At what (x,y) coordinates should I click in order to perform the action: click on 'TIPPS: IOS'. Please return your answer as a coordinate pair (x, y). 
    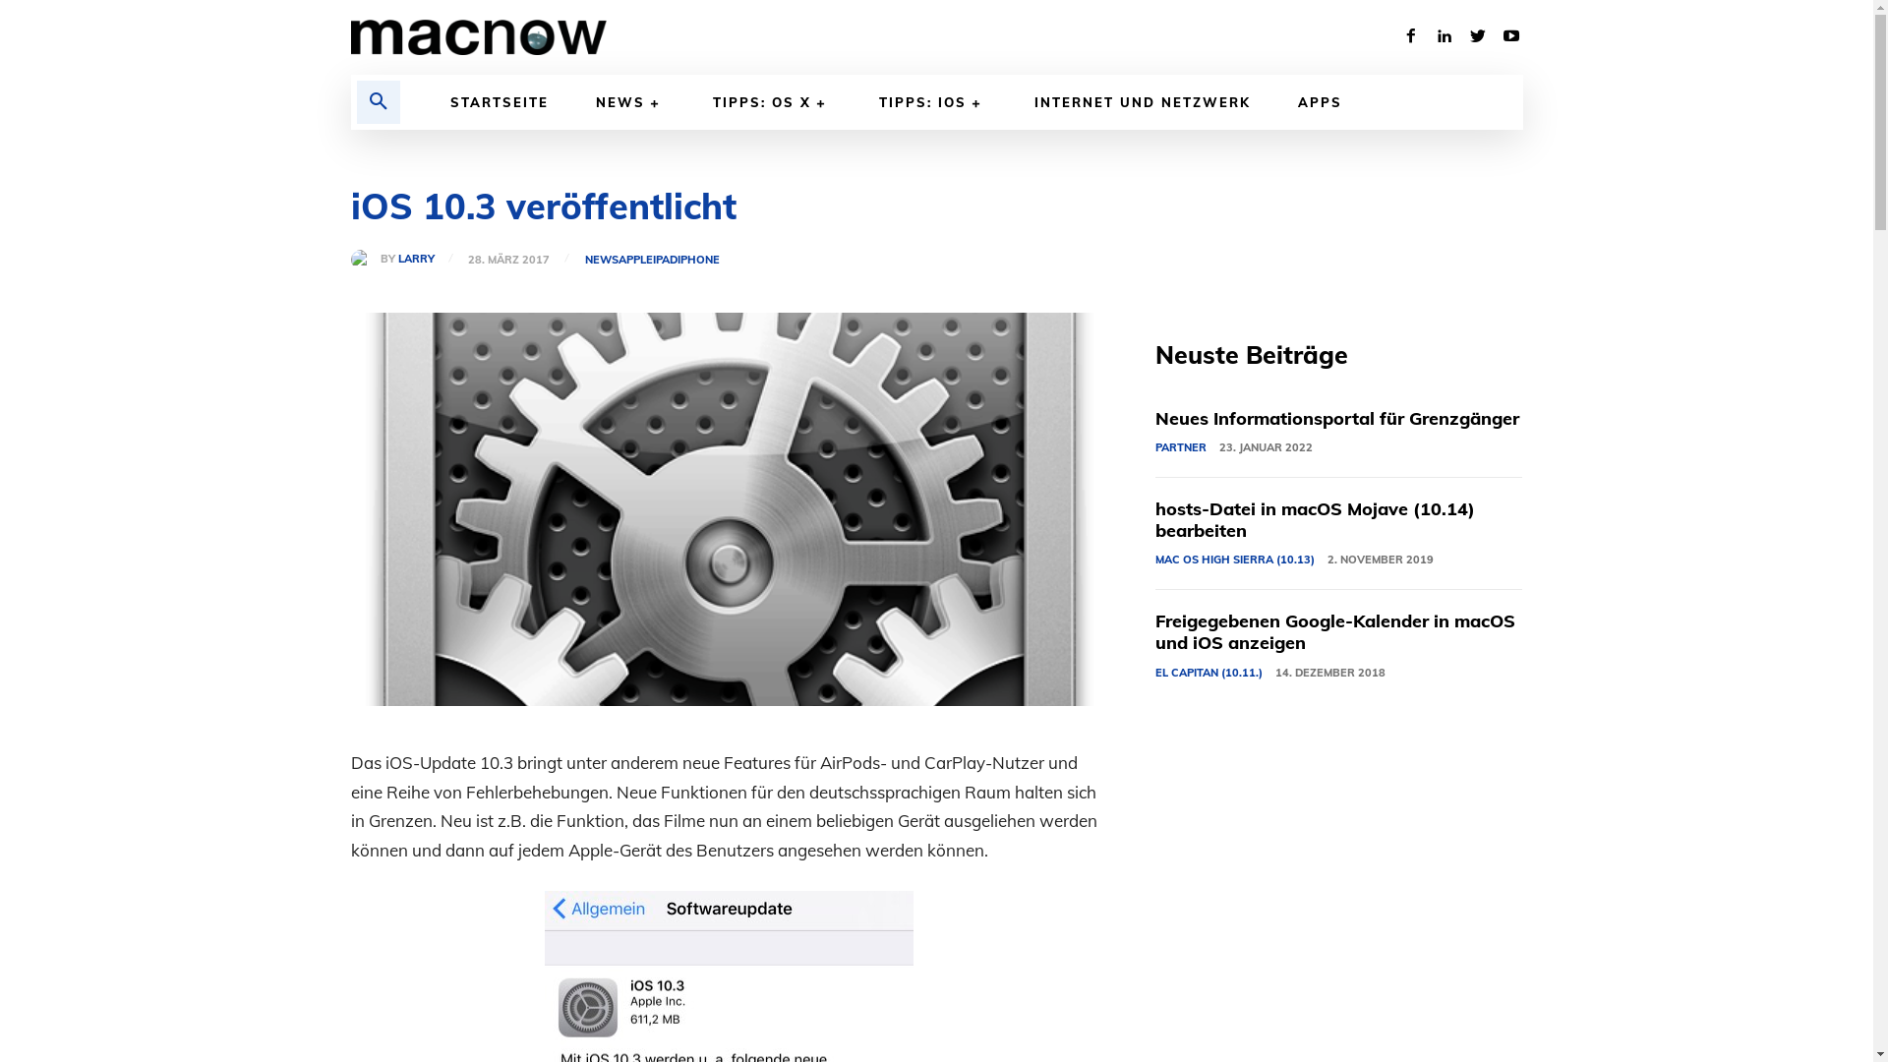
    Looking at the image, I should click on (932, 102).